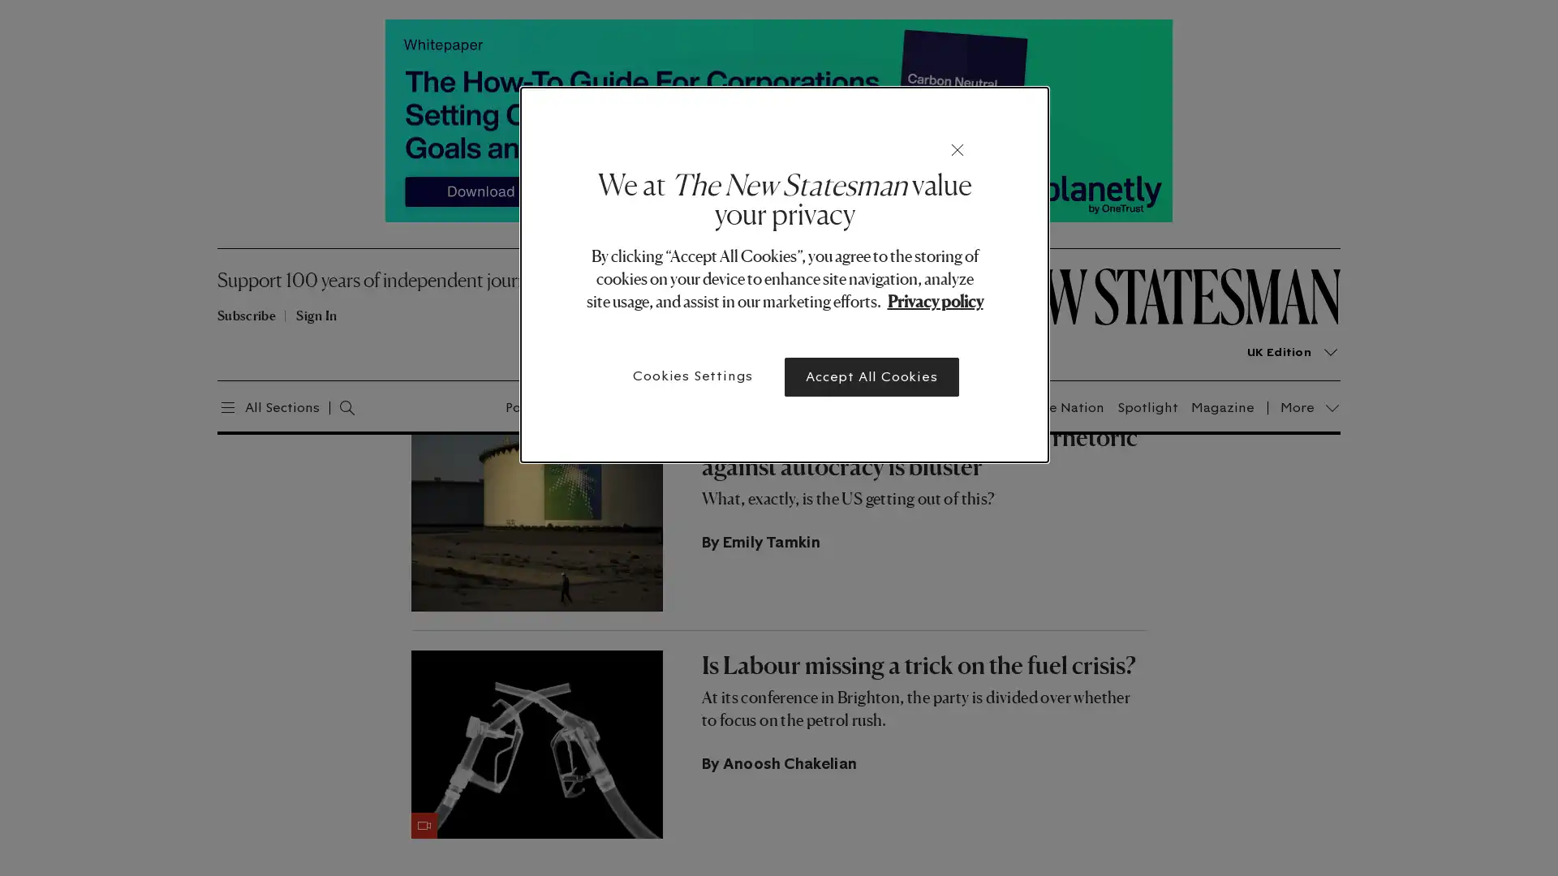 Image resolution: width=1558 pixels, height=876 pixels. Describe the element at coordinates (693, 376) in the screenshot. I see `Cookies Settings` at that location.